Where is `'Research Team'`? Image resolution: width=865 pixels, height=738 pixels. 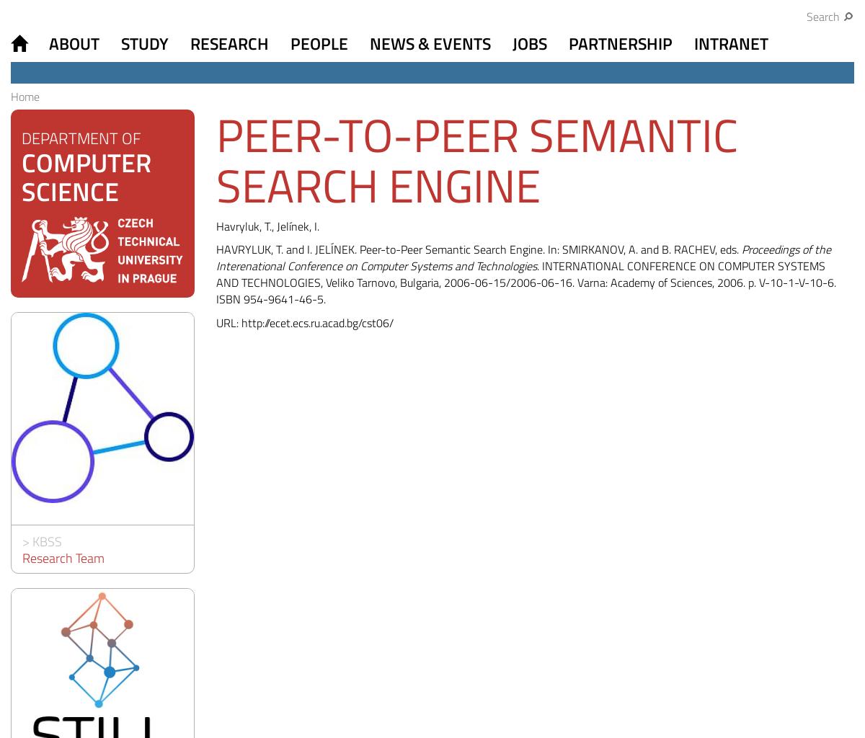 'Research Team' is located at coordinates (63, 558).